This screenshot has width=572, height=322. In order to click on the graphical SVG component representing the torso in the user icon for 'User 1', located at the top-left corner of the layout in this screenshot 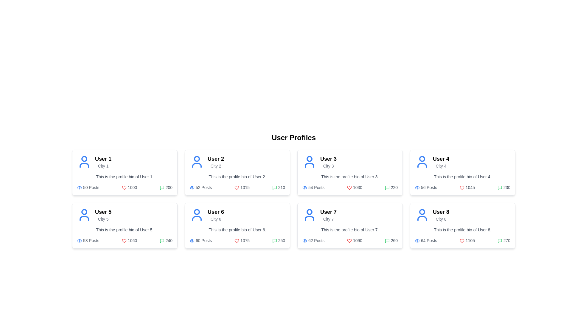, I will do `click(84, 165)`.